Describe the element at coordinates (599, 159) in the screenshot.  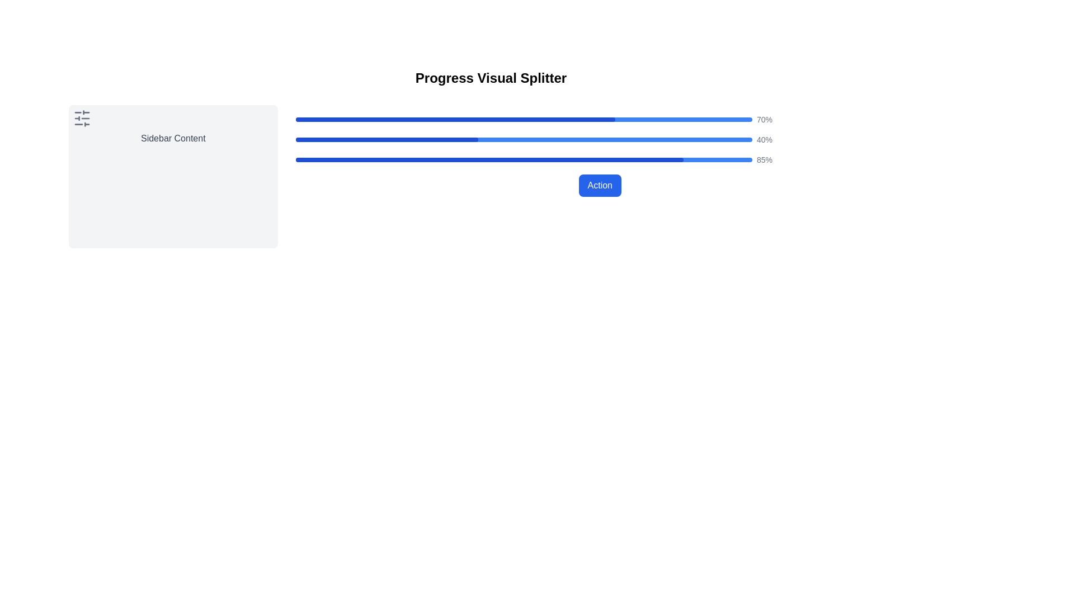
I see `the third progress bar, which is primarily blue with a deeper blue section indicating 85% completion` at that location.